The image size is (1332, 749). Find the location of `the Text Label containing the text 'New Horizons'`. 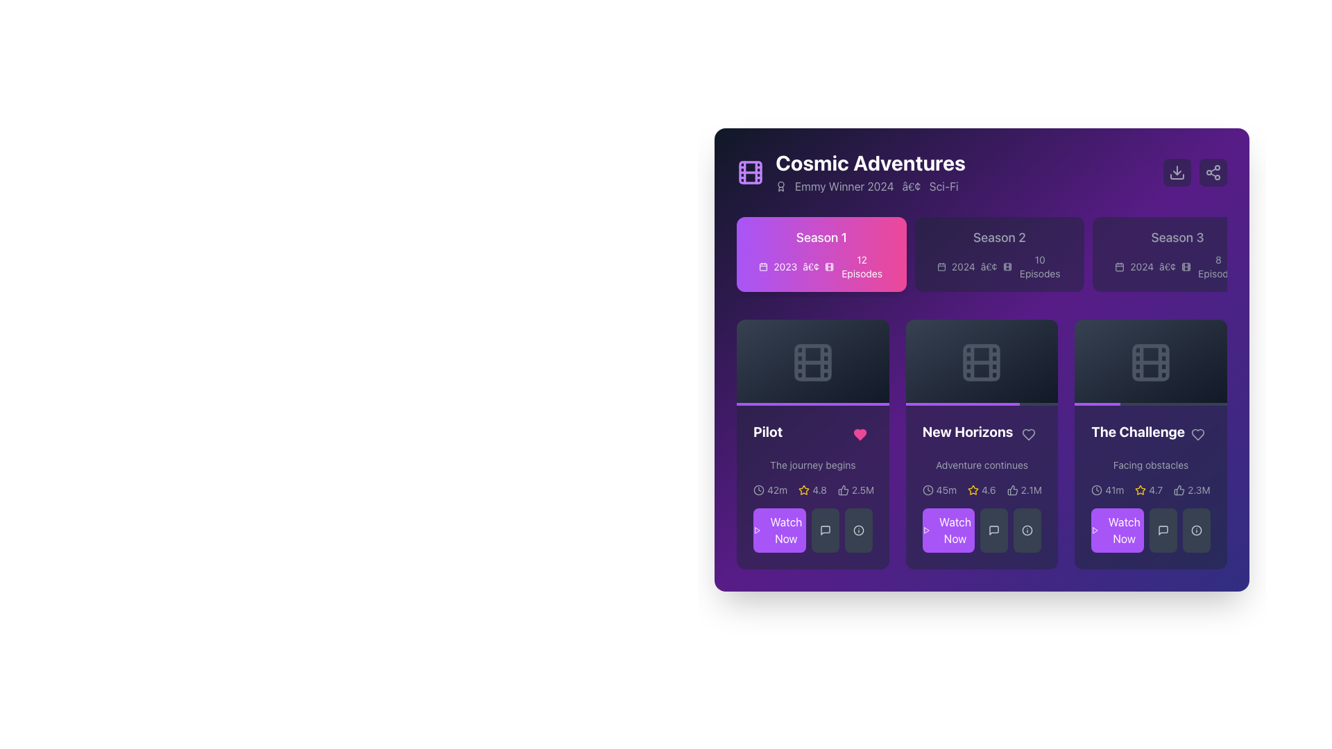

the Text Label containing the text 'New Horizons' is located at coordinates (981, 433).